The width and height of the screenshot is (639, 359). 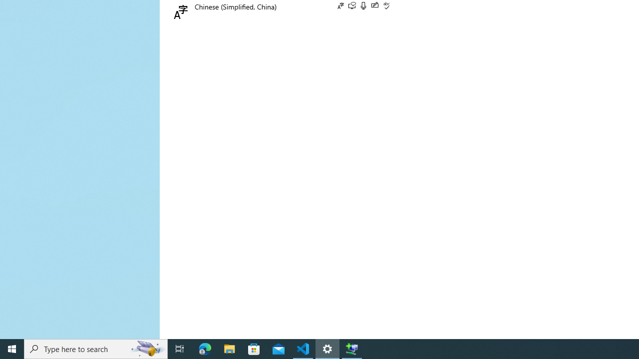 What do you see at coordinates (327, 348) in the screenshot?
I see `'Settings - 1 running window'` at bounding box center [327, 348].